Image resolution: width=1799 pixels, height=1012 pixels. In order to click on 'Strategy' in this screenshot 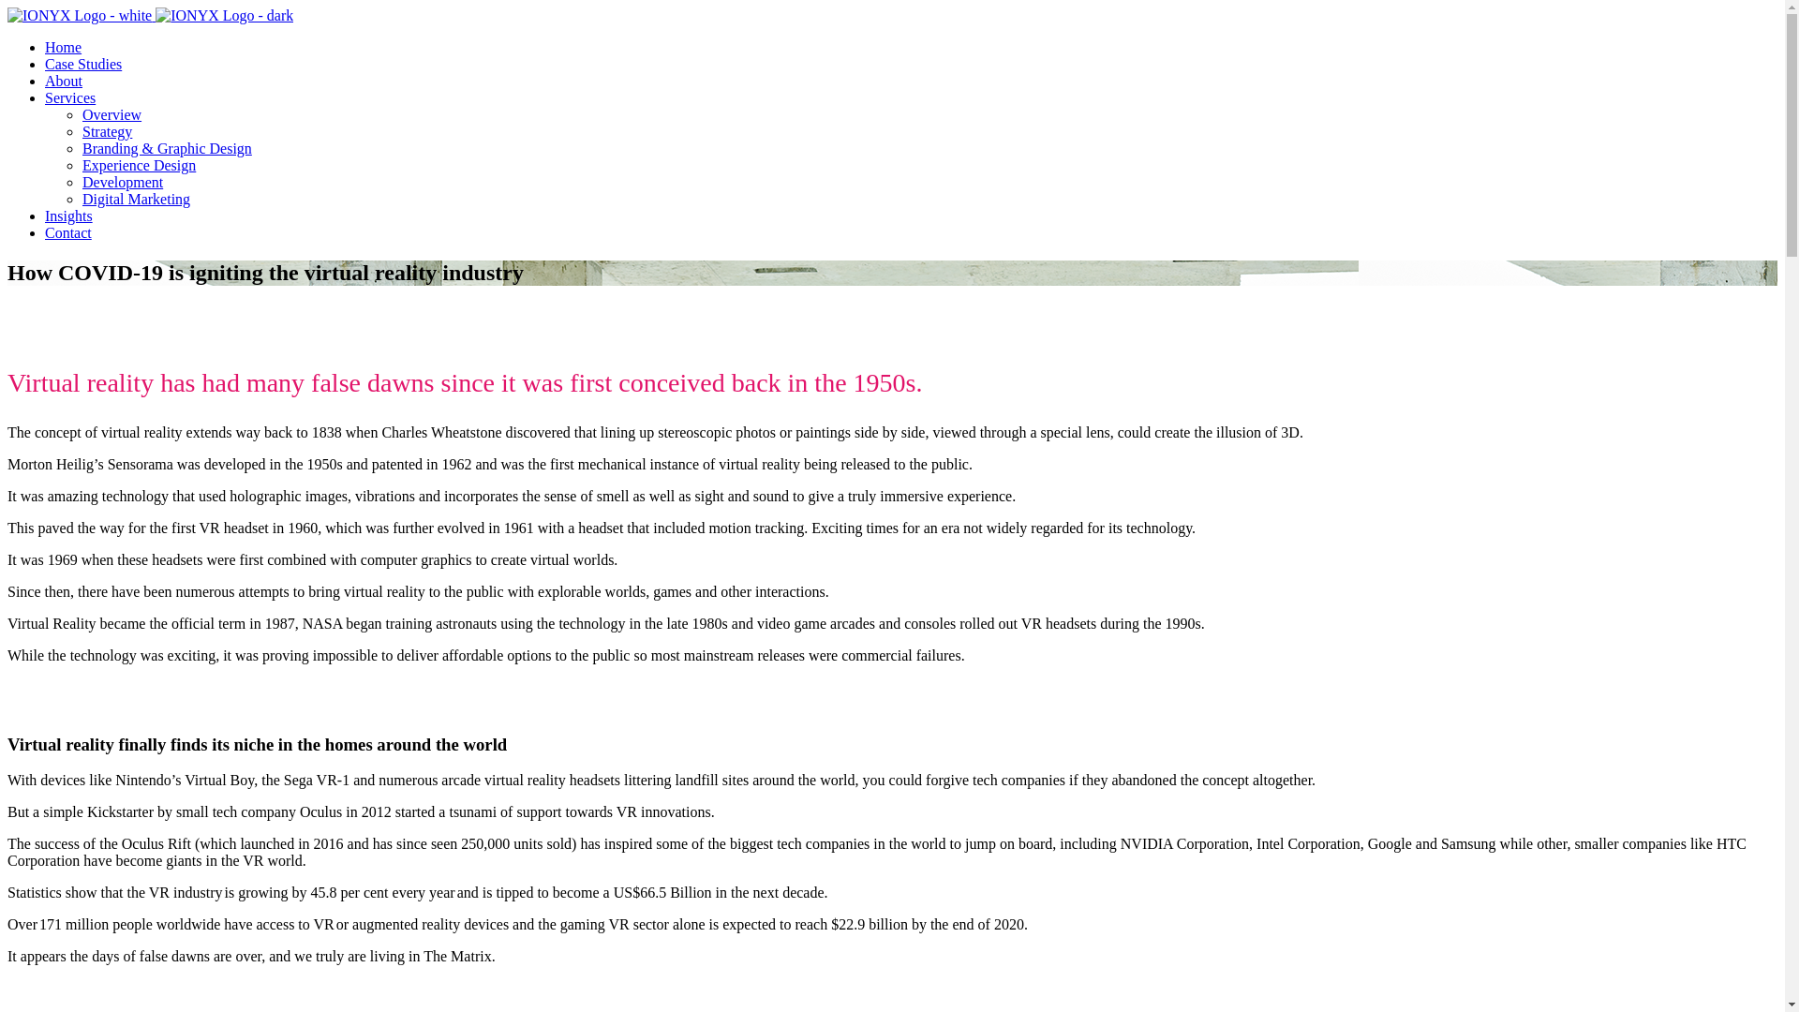, I will do `click(106, 130)`.